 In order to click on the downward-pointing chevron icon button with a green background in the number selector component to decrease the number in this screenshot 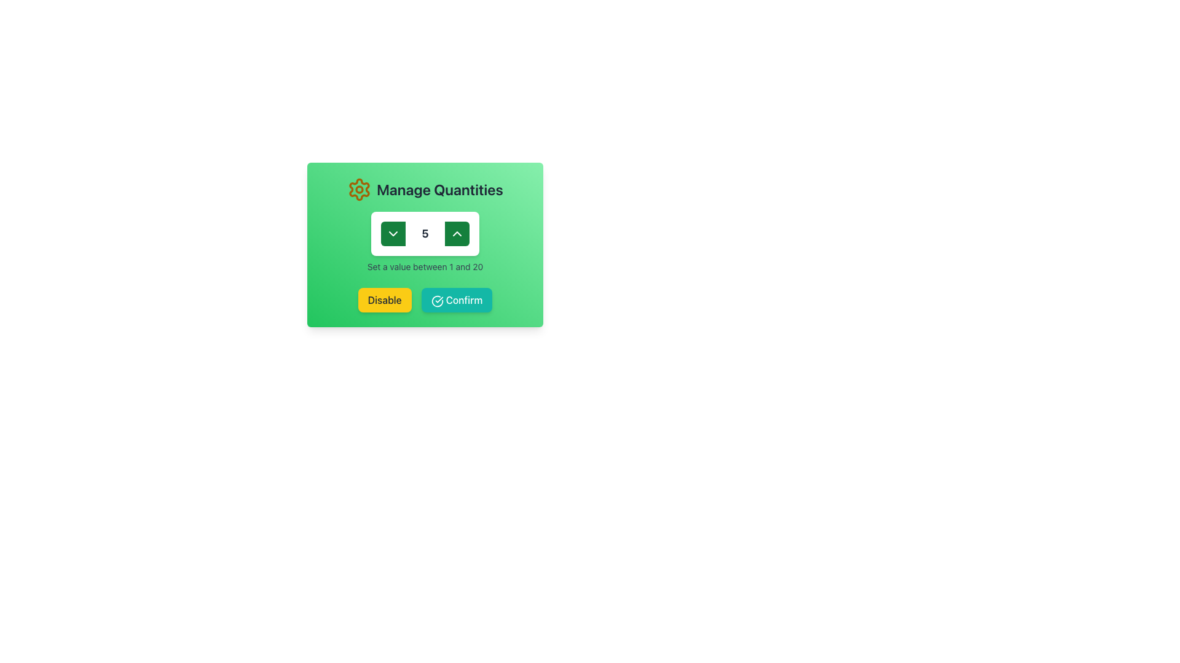, I will do `click(392, 234)`.